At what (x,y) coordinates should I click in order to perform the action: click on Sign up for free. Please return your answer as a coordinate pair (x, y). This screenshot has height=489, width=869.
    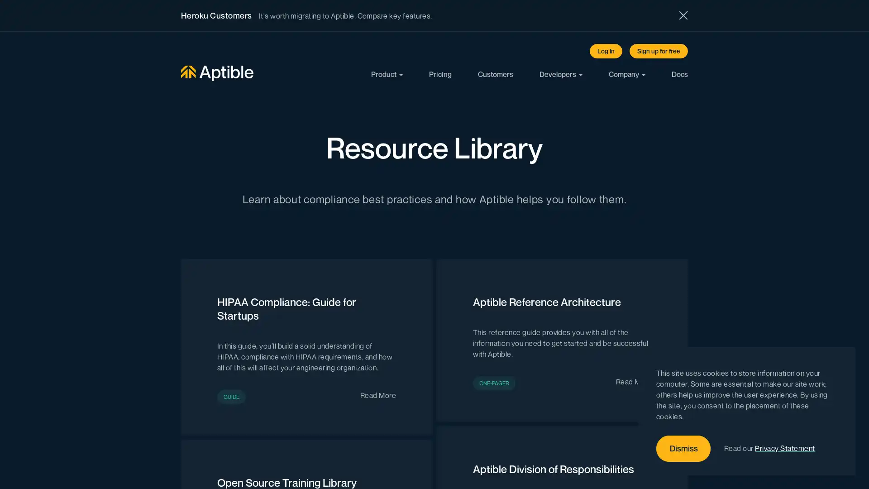
    Looking at the image, I should click on (659, 51).